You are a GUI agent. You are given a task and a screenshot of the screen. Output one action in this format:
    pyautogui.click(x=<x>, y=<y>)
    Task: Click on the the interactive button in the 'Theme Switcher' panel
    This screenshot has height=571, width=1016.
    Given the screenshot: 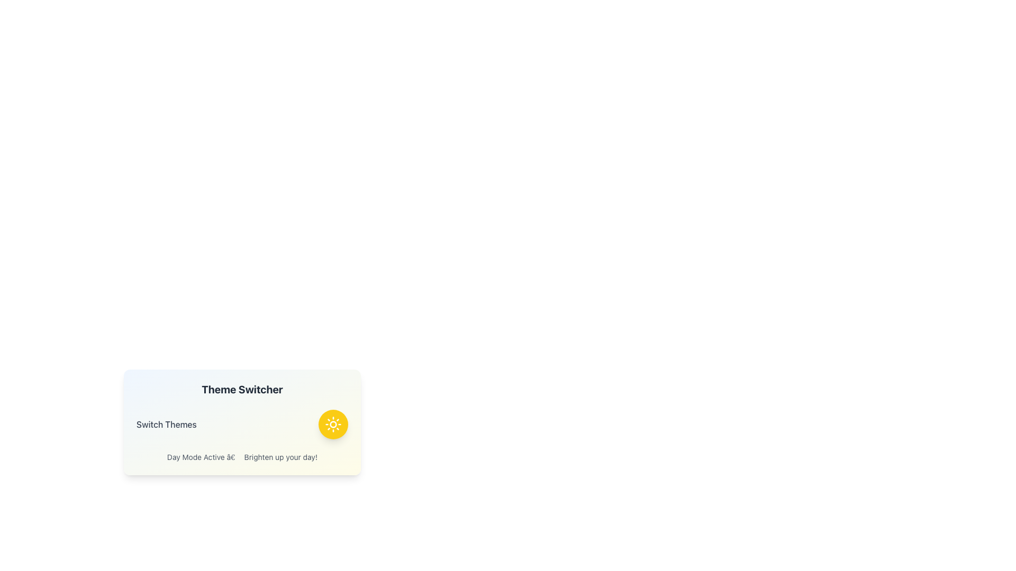 What is the action you would take?
    pyautogui.click(x=241, y=423)
    